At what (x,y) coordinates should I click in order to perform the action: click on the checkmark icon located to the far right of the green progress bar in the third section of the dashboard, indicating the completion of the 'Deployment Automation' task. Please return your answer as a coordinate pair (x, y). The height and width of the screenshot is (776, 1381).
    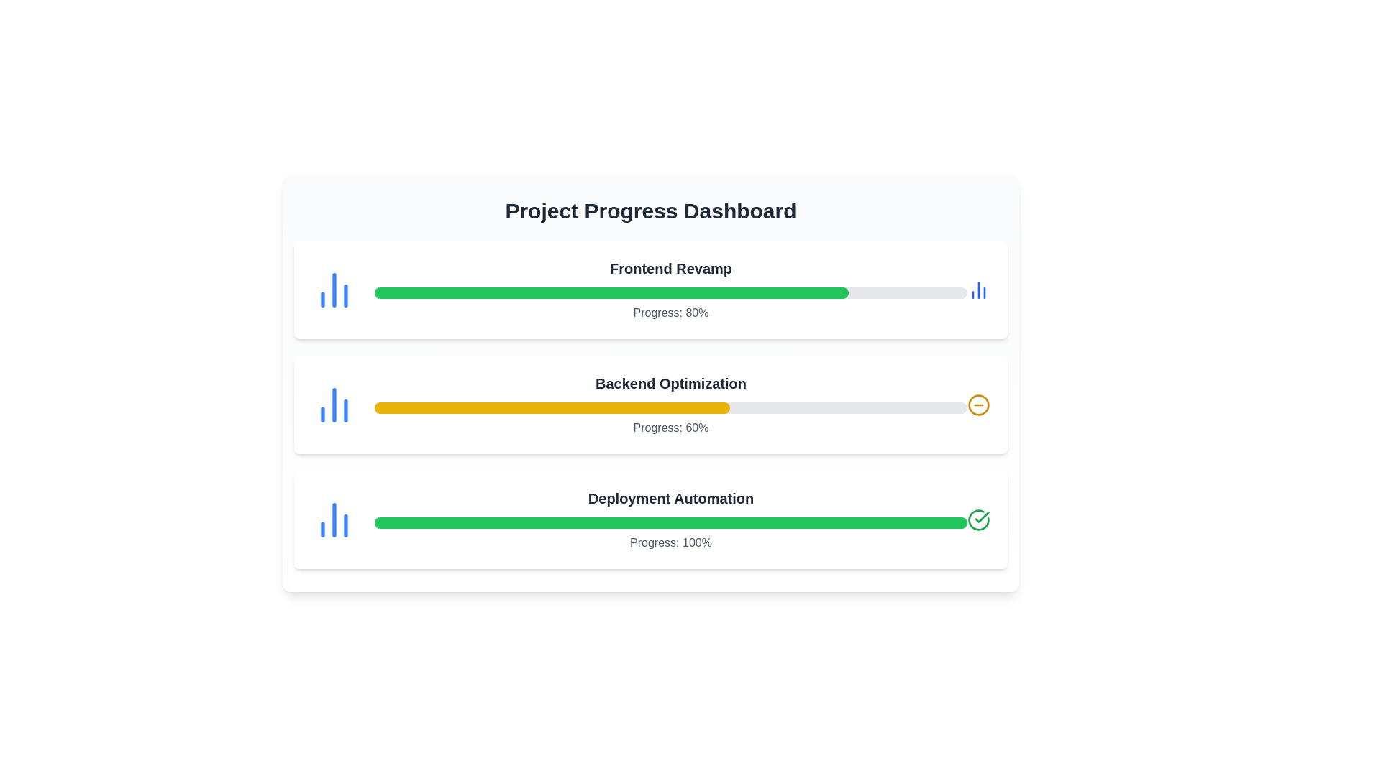
    Looking at the image, I should click on (981, 517).